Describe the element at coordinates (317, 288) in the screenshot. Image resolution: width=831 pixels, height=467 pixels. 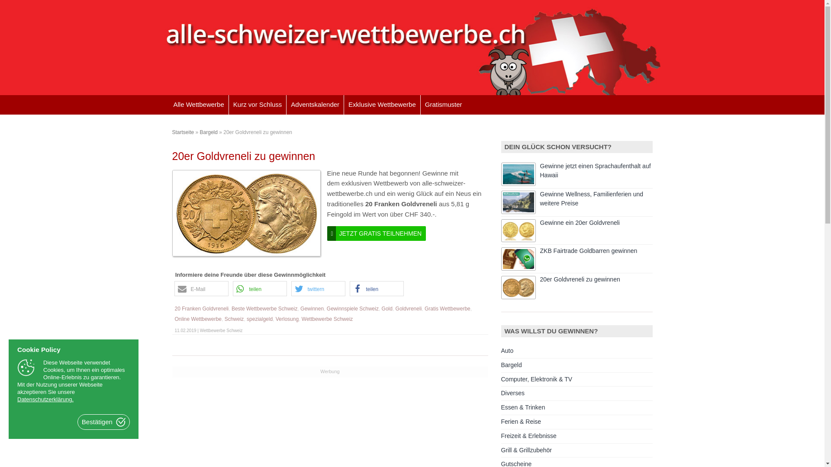
I see `'twittern '` at that location.